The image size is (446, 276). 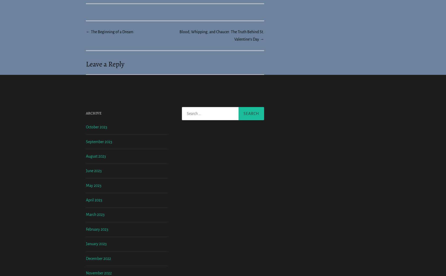 I want to click on 'February 2023', so click(x=97, y=273).